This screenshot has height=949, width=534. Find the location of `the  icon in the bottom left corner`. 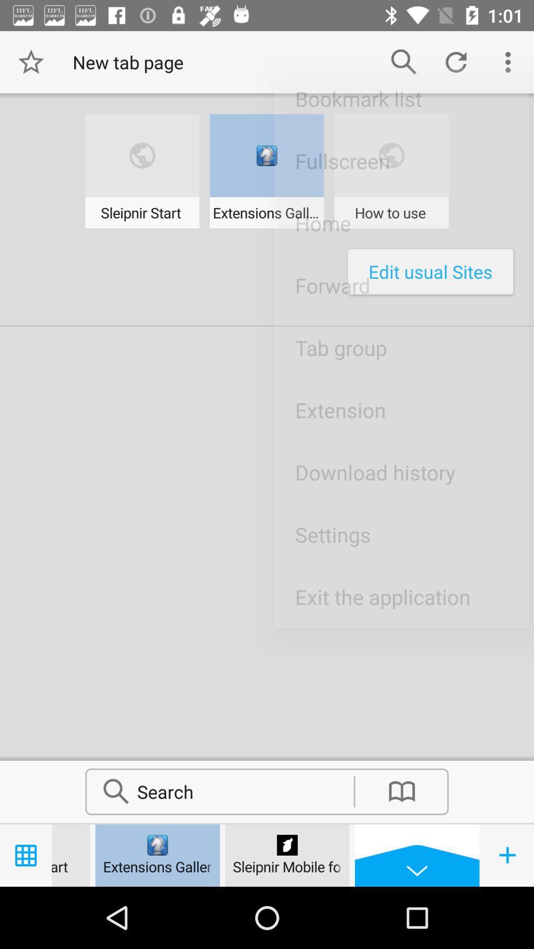

the  icon in the bottom left corner is located at coordinates (508, 855).